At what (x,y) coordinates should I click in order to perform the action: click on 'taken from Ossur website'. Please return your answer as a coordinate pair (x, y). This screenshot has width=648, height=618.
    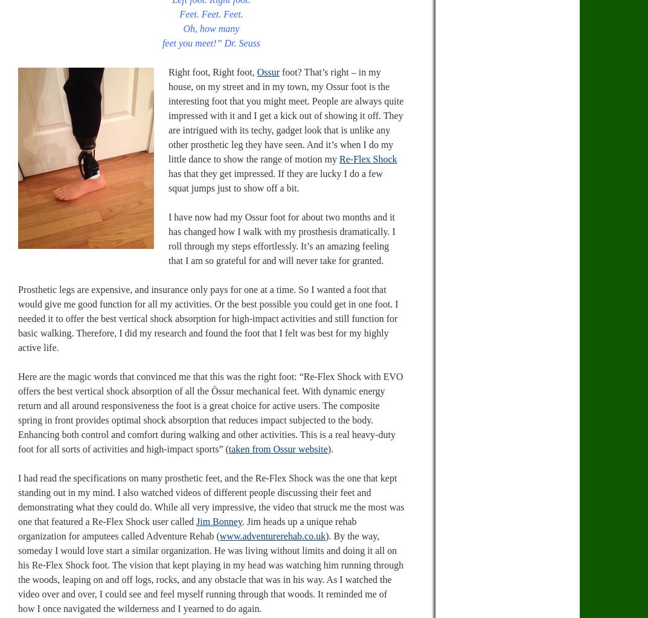
    Looking at the image, I should click on (277, 449).